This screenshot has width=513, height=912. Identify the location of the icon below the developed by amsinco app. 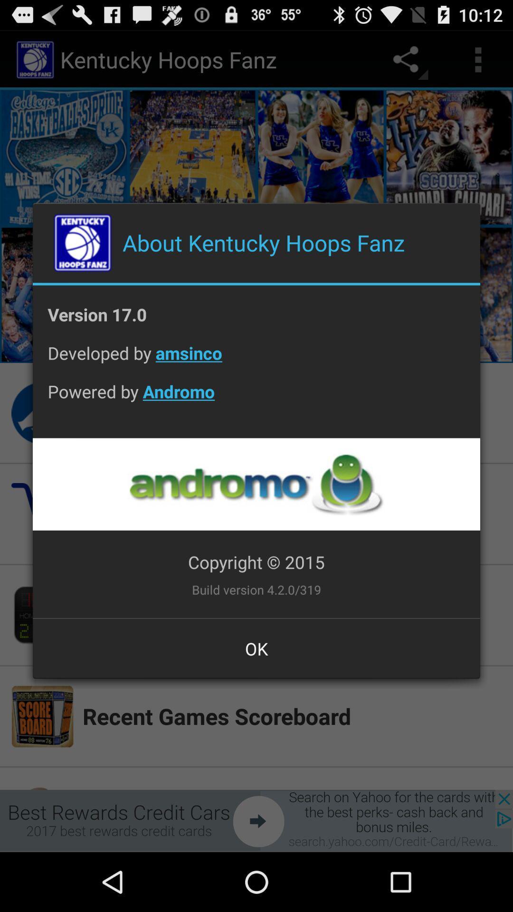
(256, 399).